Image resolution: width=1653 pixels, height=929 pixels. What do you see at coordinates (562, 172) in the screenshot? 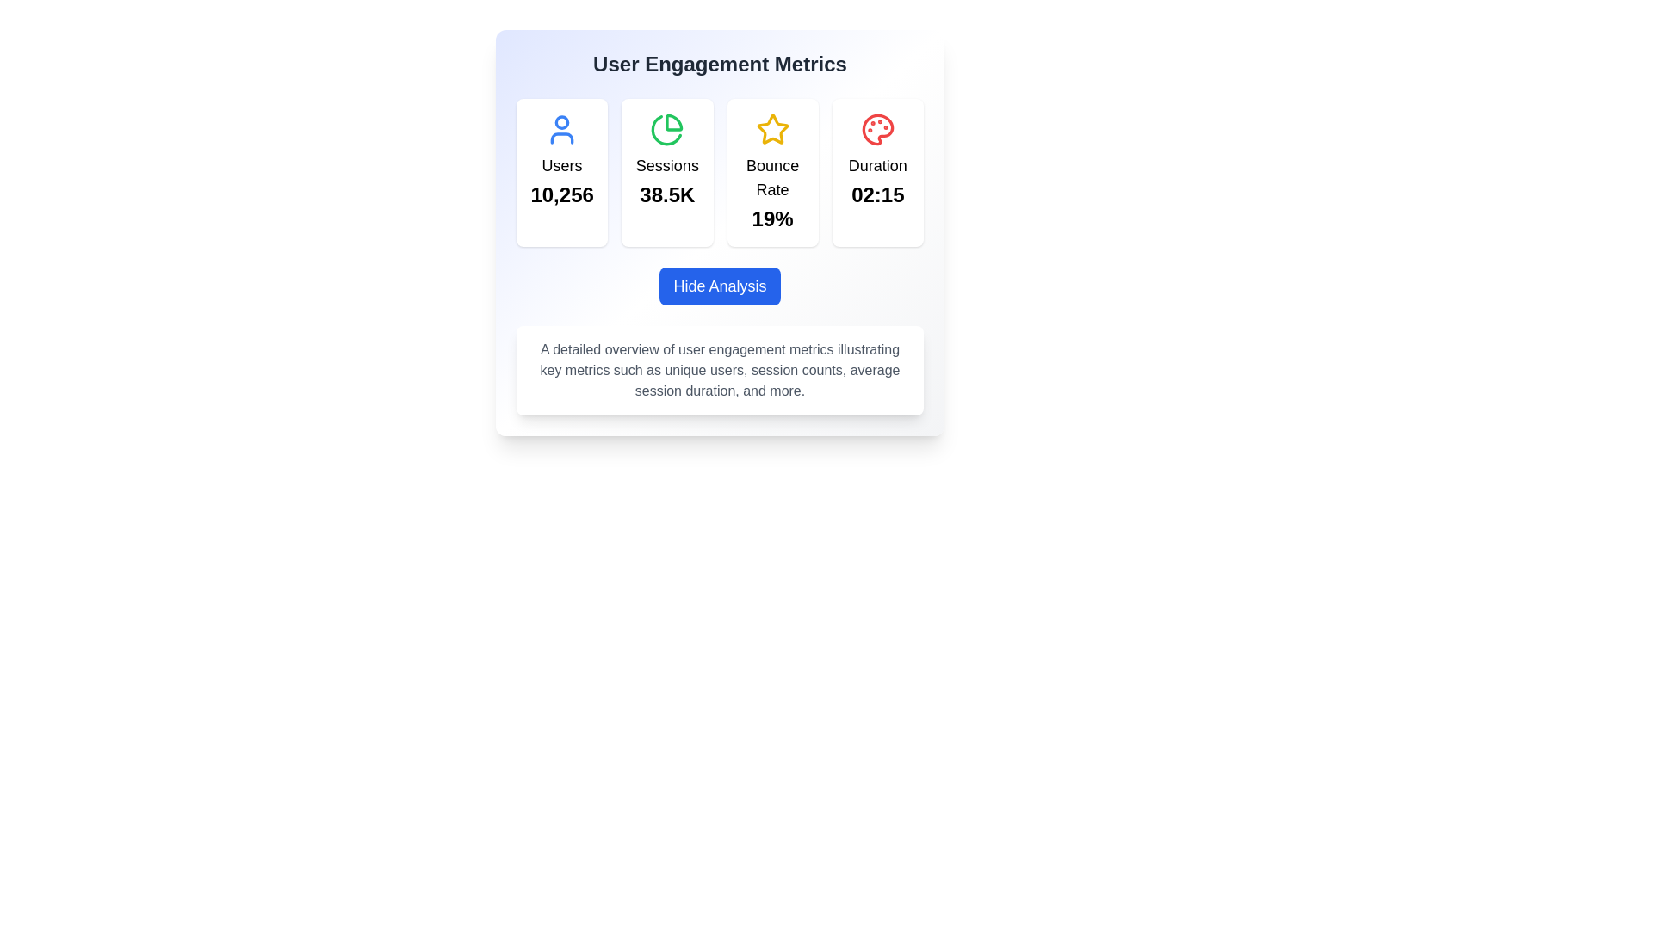
I see `the displayed information on the Informational card that shows the user count, which features a blue circular user icon at the top` at bounding box center [562, 172].